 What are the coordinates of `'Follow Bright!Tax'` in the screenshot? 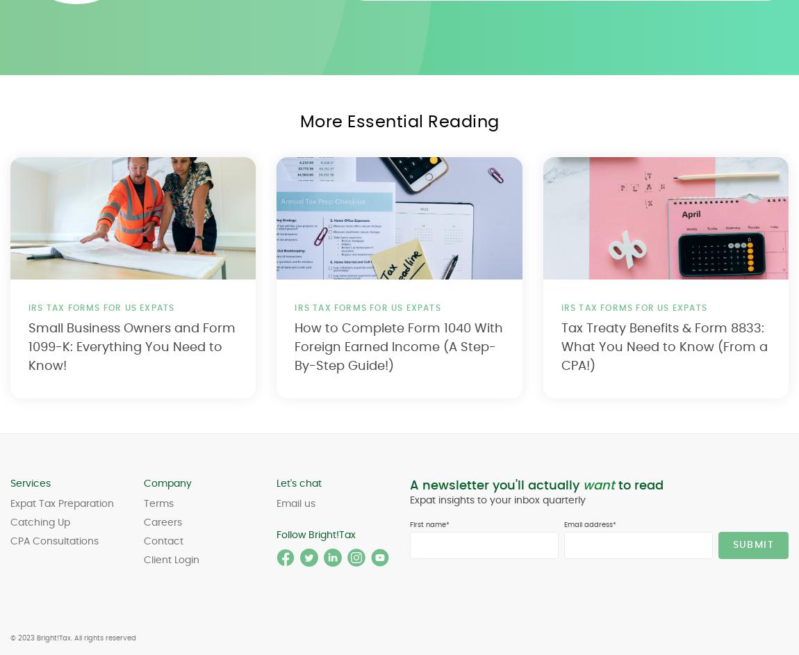 It's located at (277, 535).